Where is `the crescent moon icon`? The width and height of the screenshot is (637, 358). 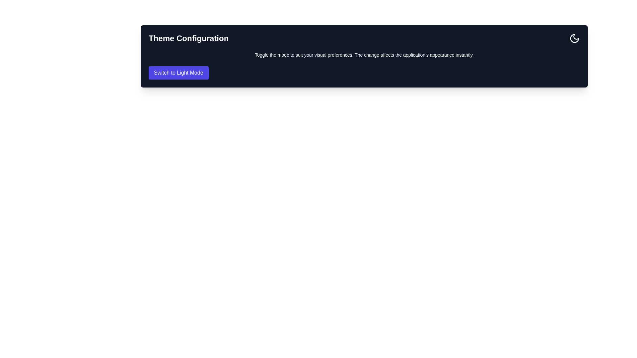 the crescent moon icon is located at coordinates (574, 38).